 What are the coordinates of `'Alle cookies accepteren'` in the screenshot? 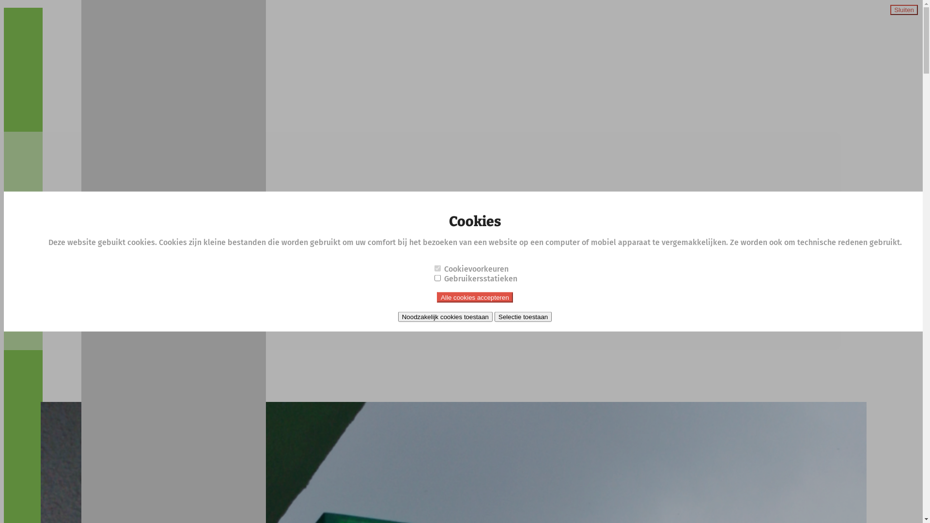 It's located at (475, 296).